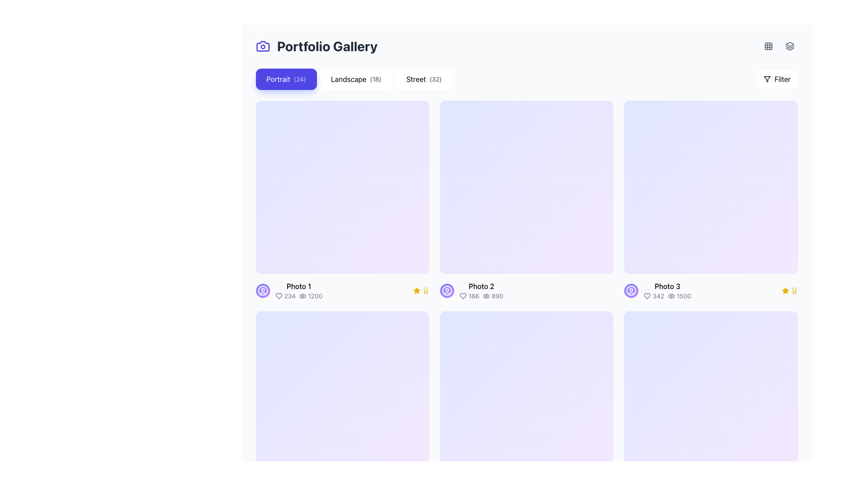  Describe the element at coordinates (768, 46) in the screenshot. I see `the grid icon button, which is styled with a light gray tone and located in the top-right corner of the interface` at that location.